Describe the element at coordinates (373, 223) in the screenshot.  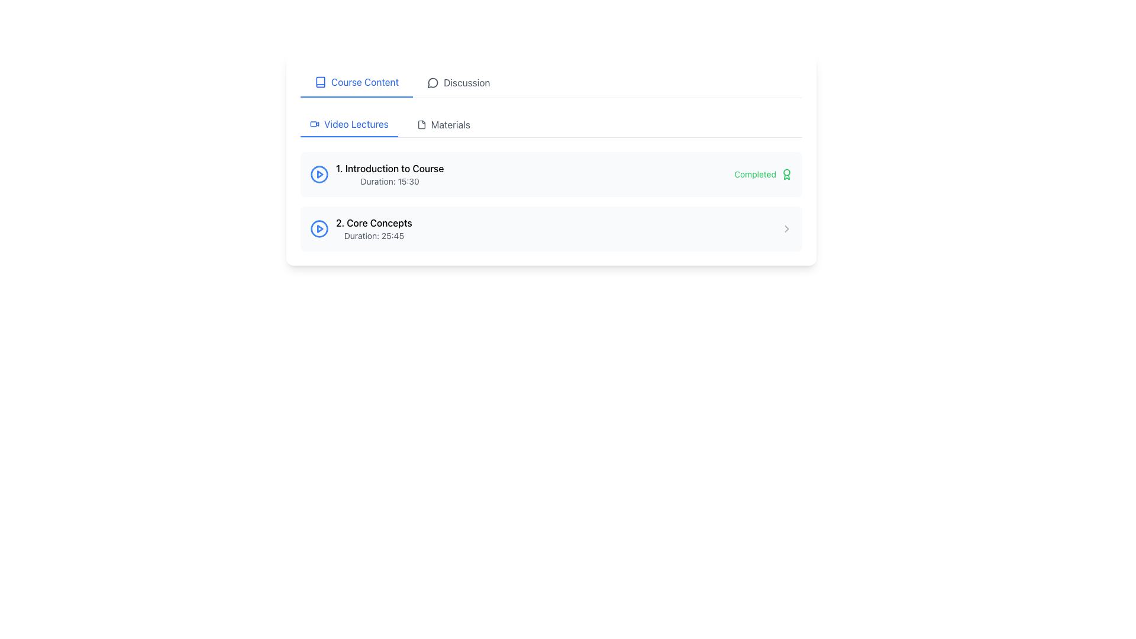
I see `the text label '2. Core Concepts' which is styled as a heading in a medium font weight, located in the second row of the video lectures list` at that location.